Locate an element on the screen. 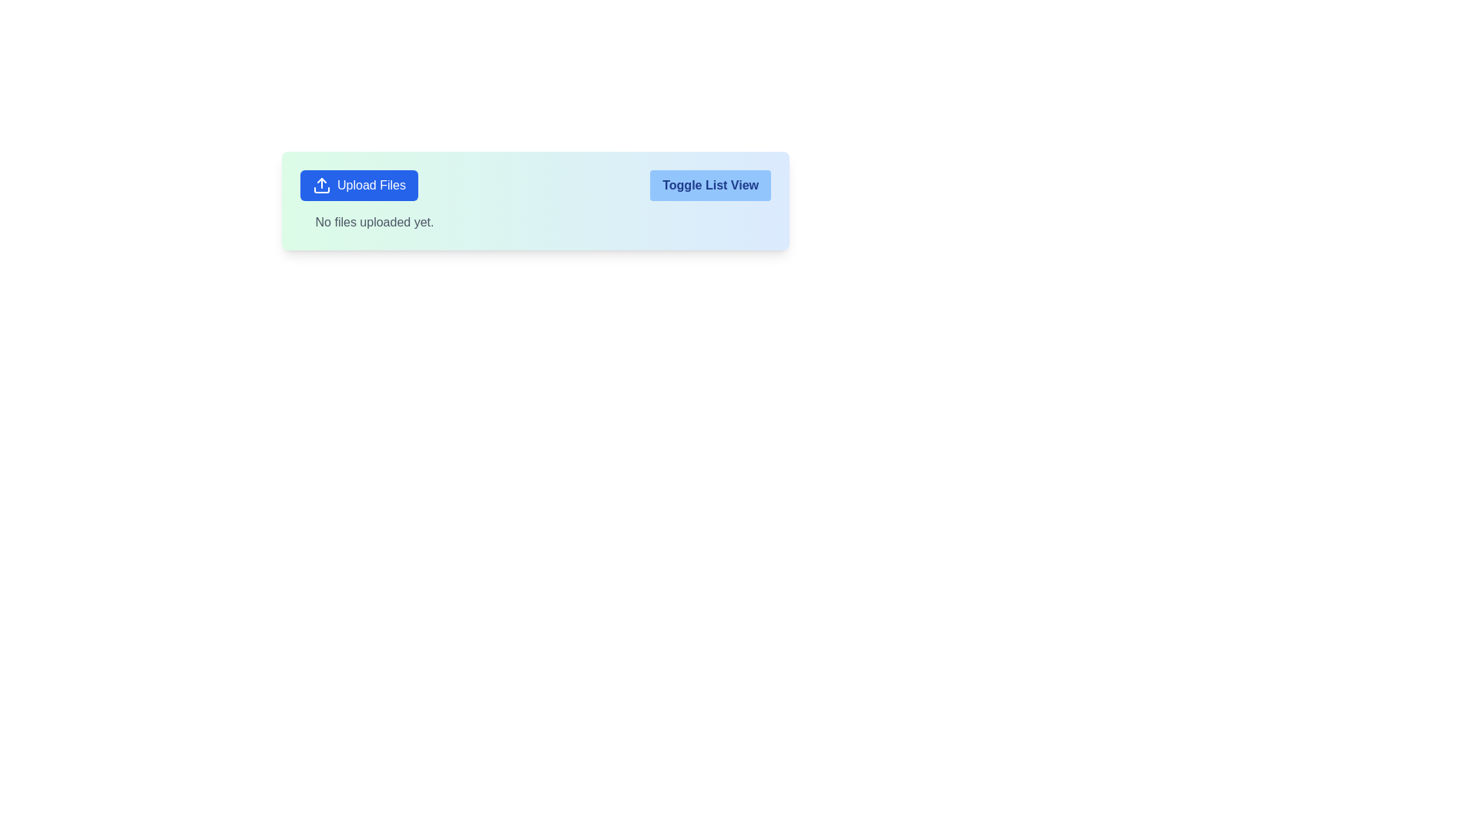 This screenshot has height=832, width=1479. the 'Upload Files' button with a blue background and white text is located at coordinates (358, 184).